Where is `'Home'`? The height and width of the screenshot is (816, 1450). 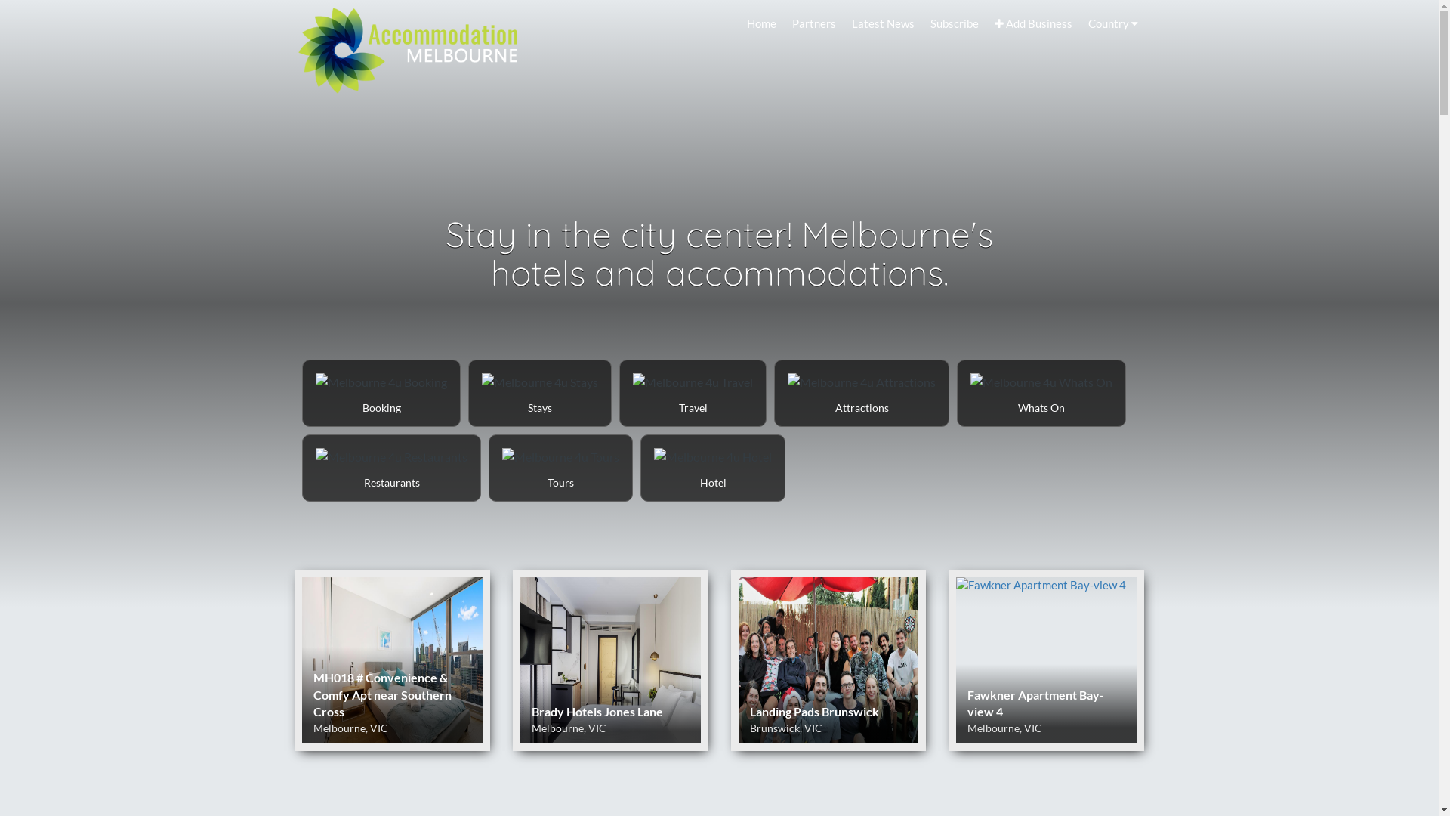 'Home' is located at coordinates (761, 23).